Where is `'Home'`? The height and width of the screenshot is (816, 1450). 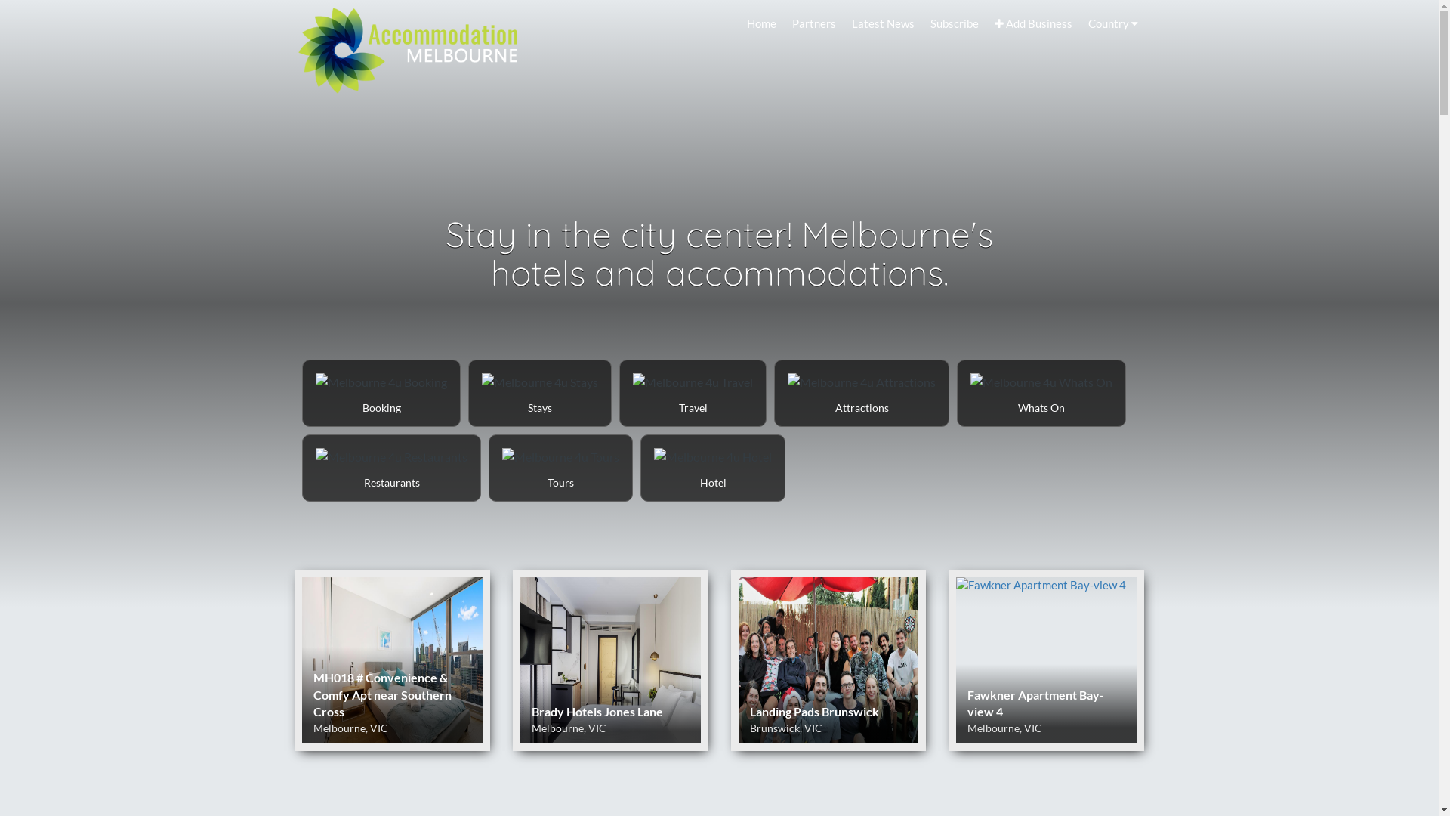 'Home' is located at coordinates (761, 23).